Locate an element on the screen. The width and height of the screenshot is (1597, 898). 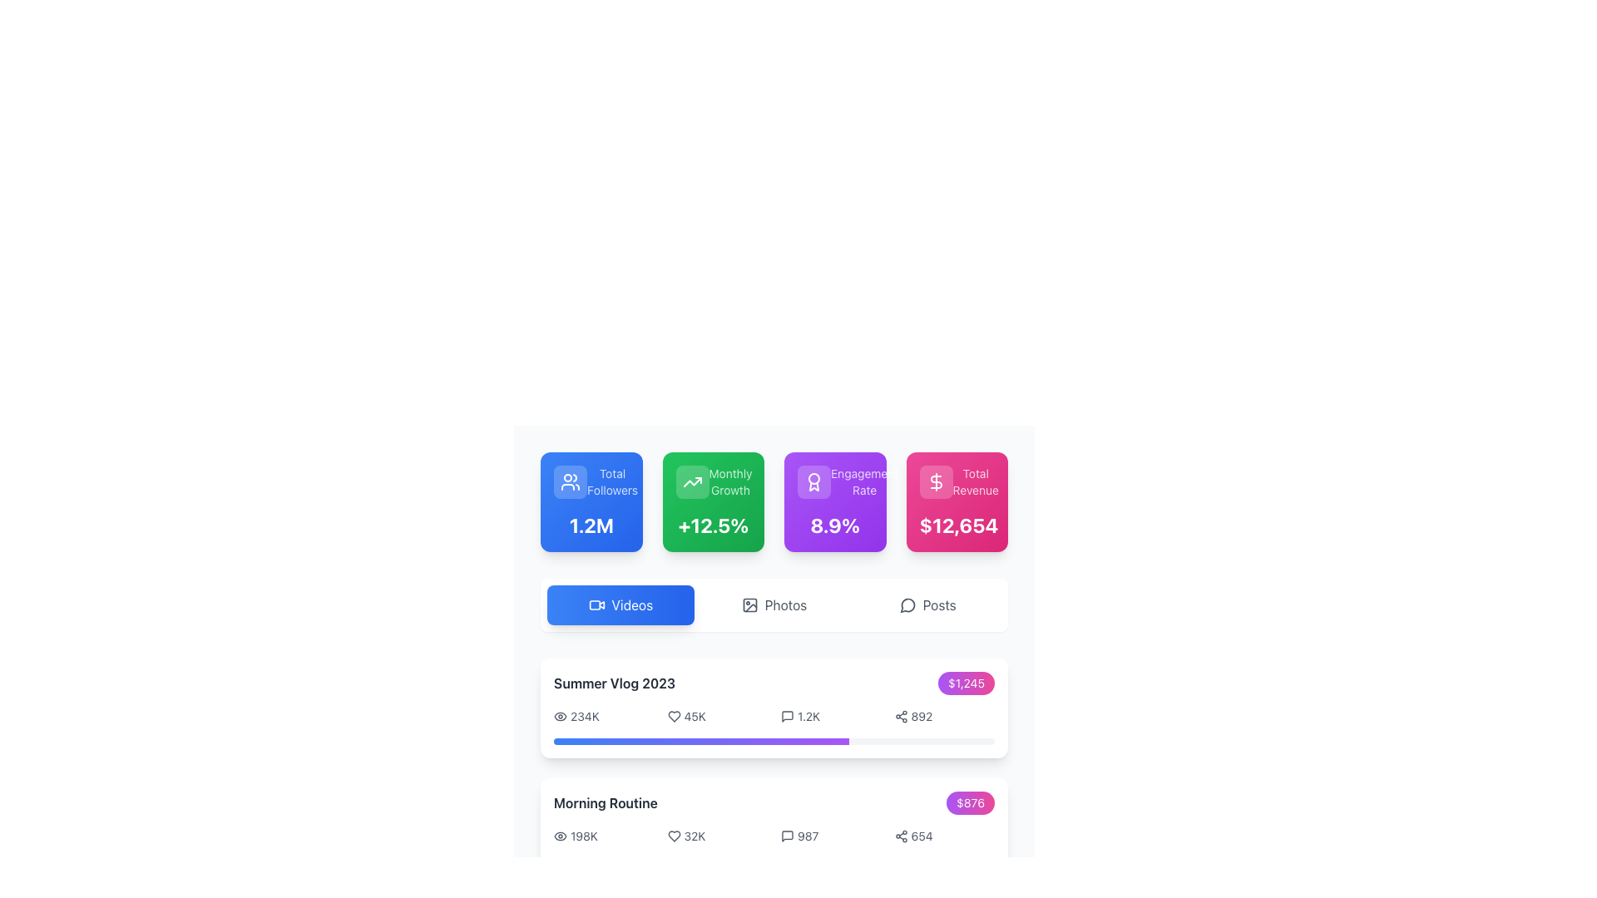
text displaying the number of views ('234K') for the 'Summer Vlog 2023' item, located to the right of an eye icon in the statistics section is located at coordinates (585, 715).